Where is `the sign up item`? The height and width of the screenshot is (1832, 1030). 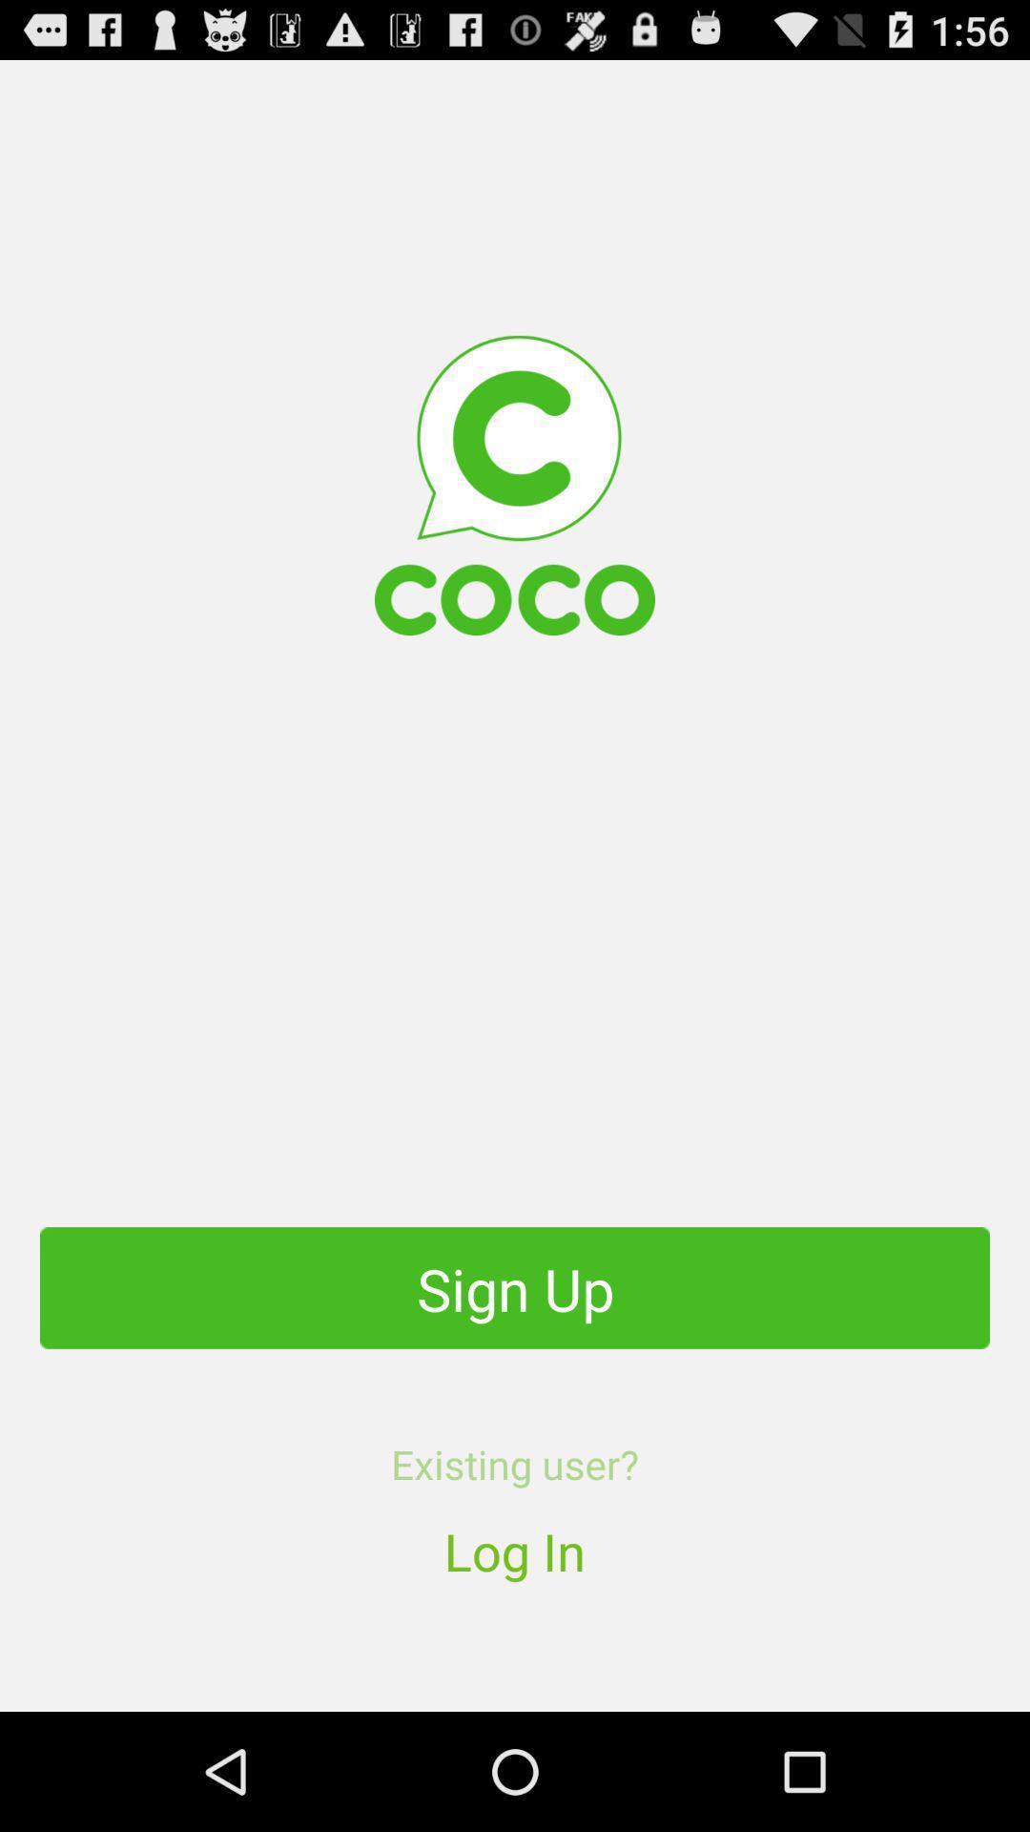
the sign up item is located at coordinates (515, 1287).